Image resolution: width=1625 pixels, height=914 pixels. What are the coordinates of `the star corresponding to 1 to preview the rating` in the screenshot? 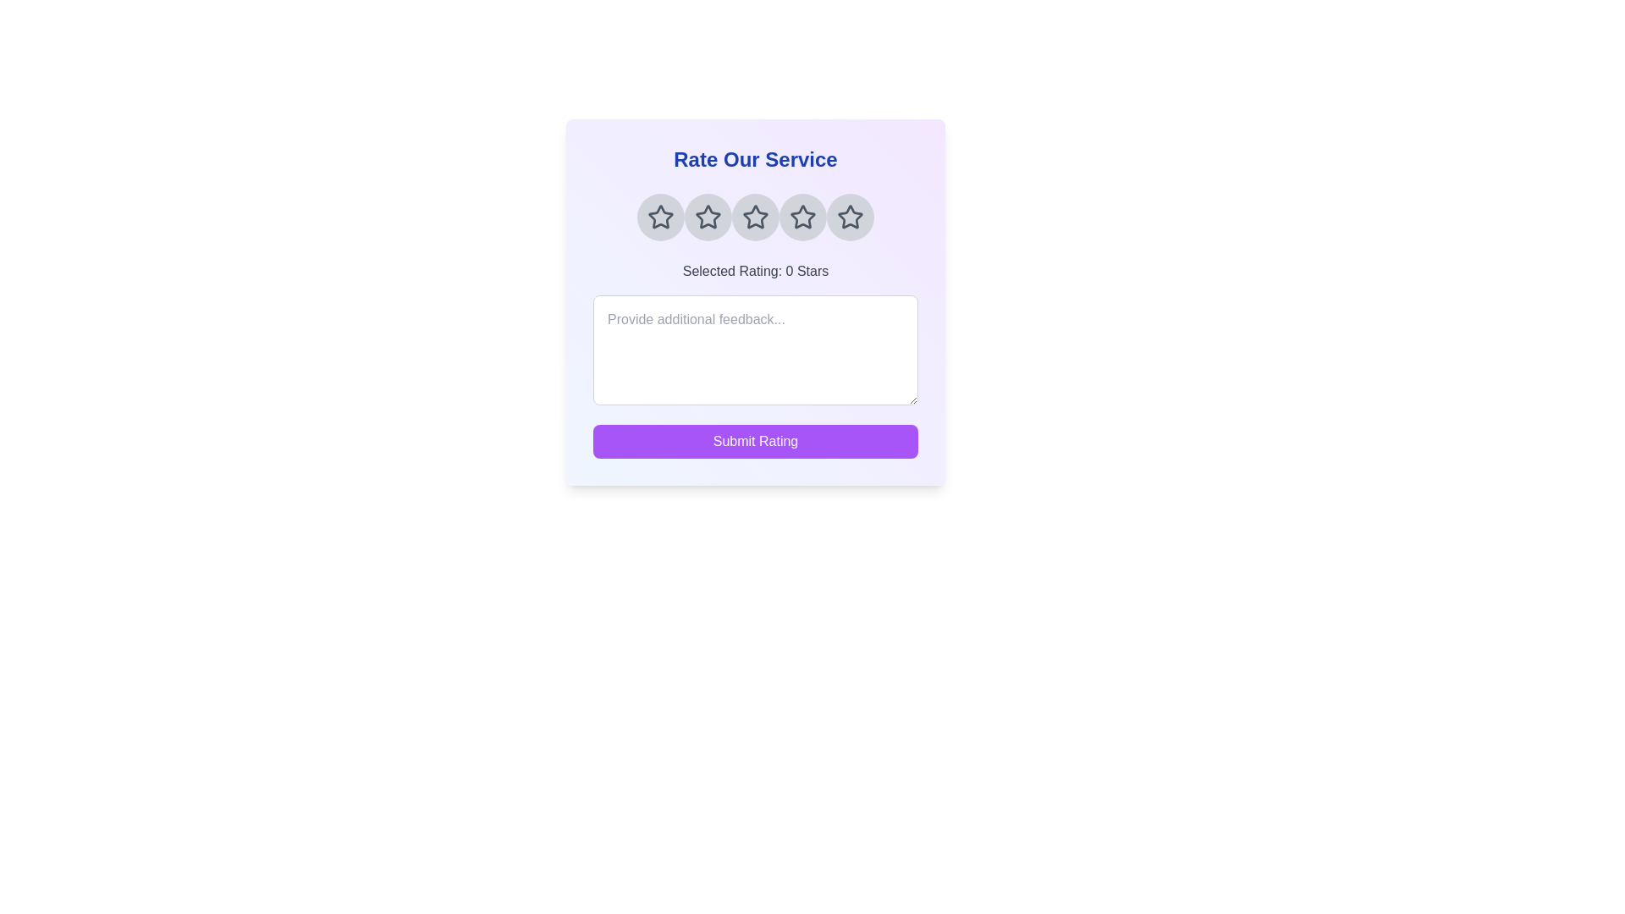 It's located at (660, 217).